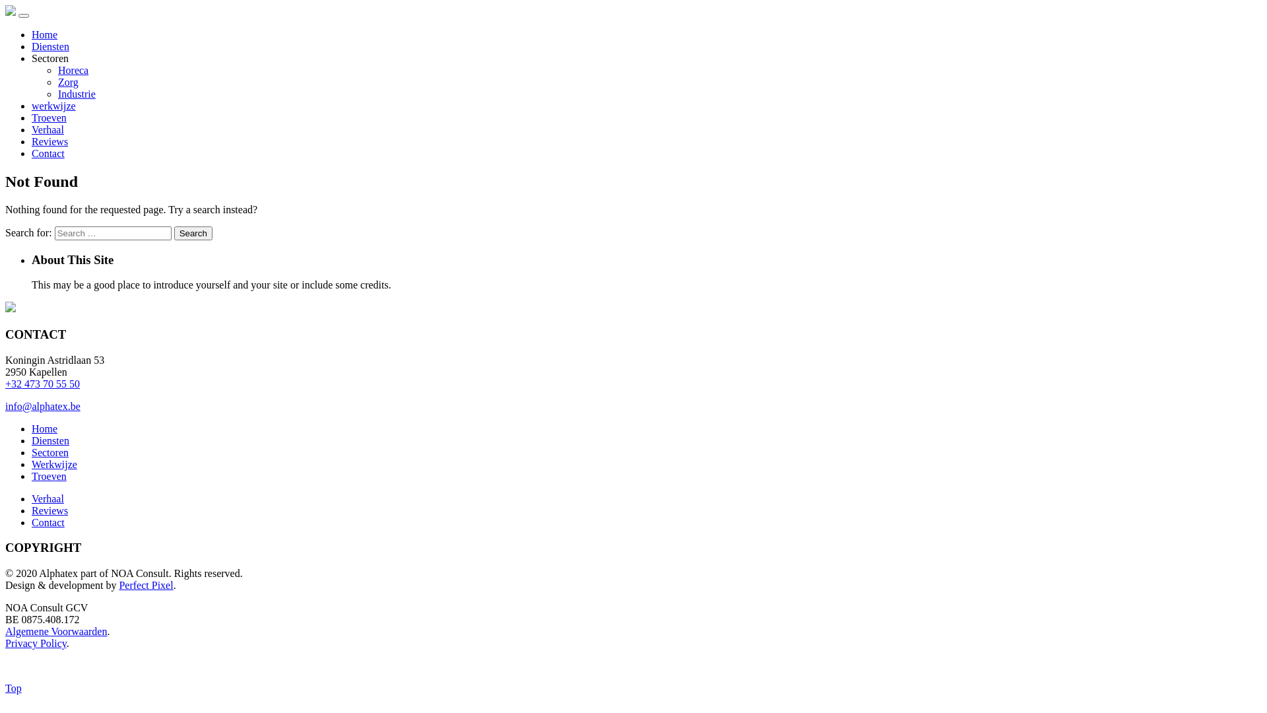  What do you see at coordinates (67, 82) in the screenshot?
I see `'Zorg'` at bounding box center [67, 82].